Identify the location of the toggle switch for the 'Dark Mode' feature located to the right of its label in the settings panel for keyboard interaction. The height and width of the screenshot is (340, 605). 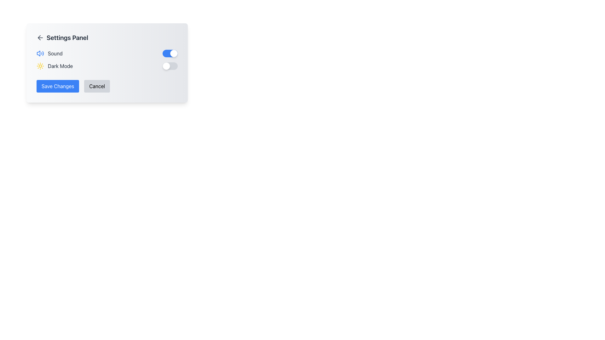
(170, 66).